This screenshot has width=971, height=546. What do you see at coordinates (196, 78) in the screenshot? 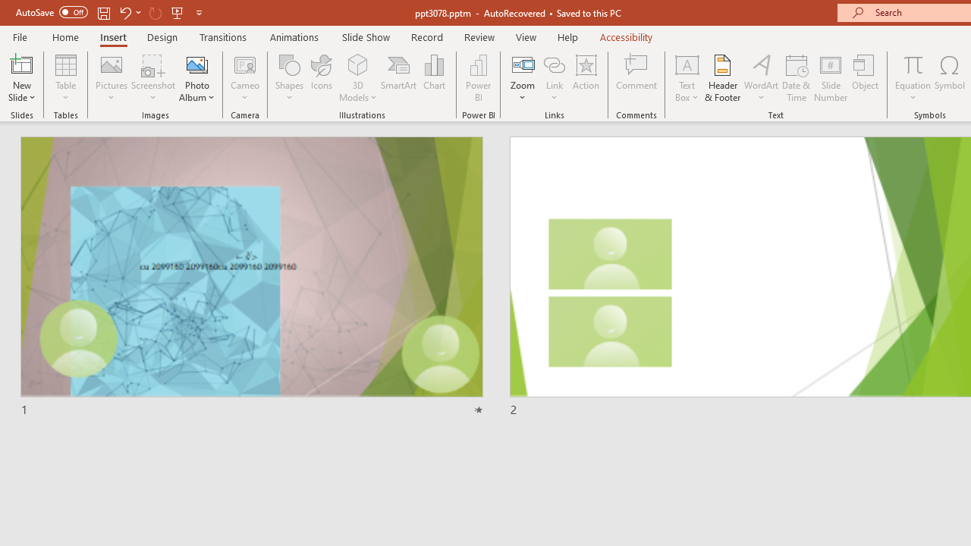
I see `'Photo Album...'` at bounding box center [196, 78].